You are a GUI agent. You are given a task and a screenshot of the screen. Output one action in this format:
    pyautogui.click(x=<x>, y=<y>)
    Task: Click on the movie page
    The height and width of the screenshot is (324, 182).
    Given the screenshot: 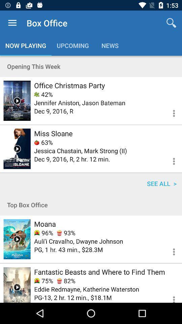 What is the action you would take?
    pyautogui.click(x=17, y=148)
    